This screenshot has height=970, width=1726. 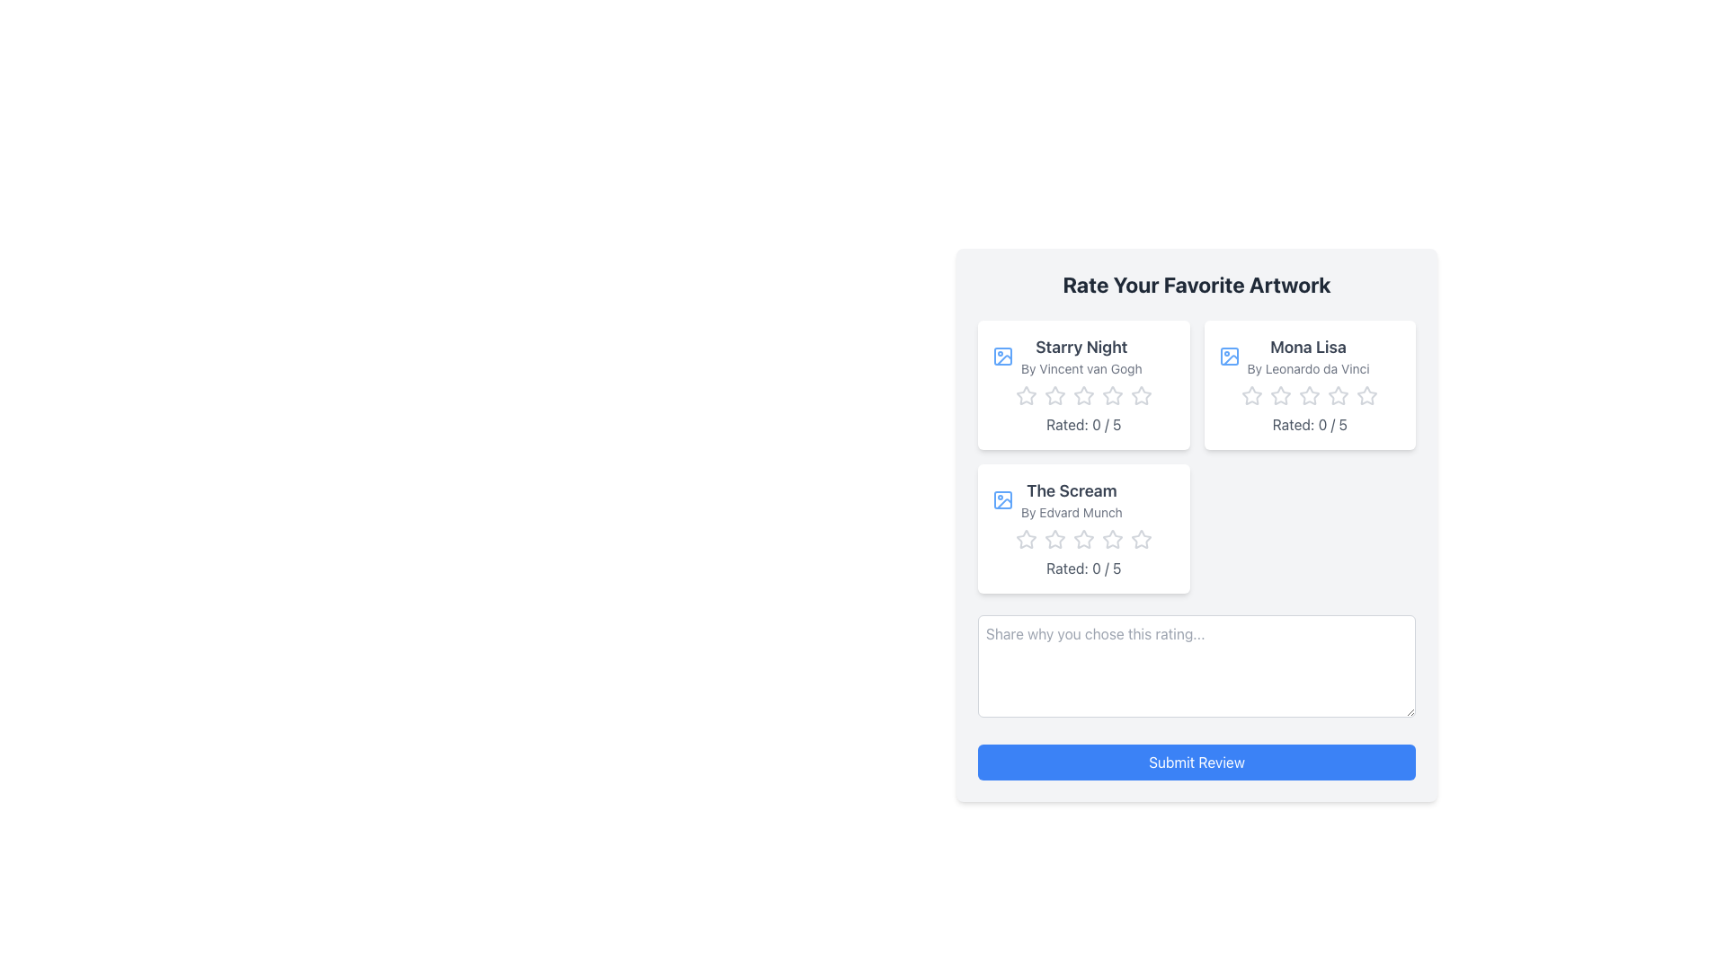 What do you see at coordinates (1280, 393) in the screenshot?
I see `the first star in the horizontal row of stars to give a 1-star rating to the 'Mona Lisa' artwork` at bounding box center [1280, 393].